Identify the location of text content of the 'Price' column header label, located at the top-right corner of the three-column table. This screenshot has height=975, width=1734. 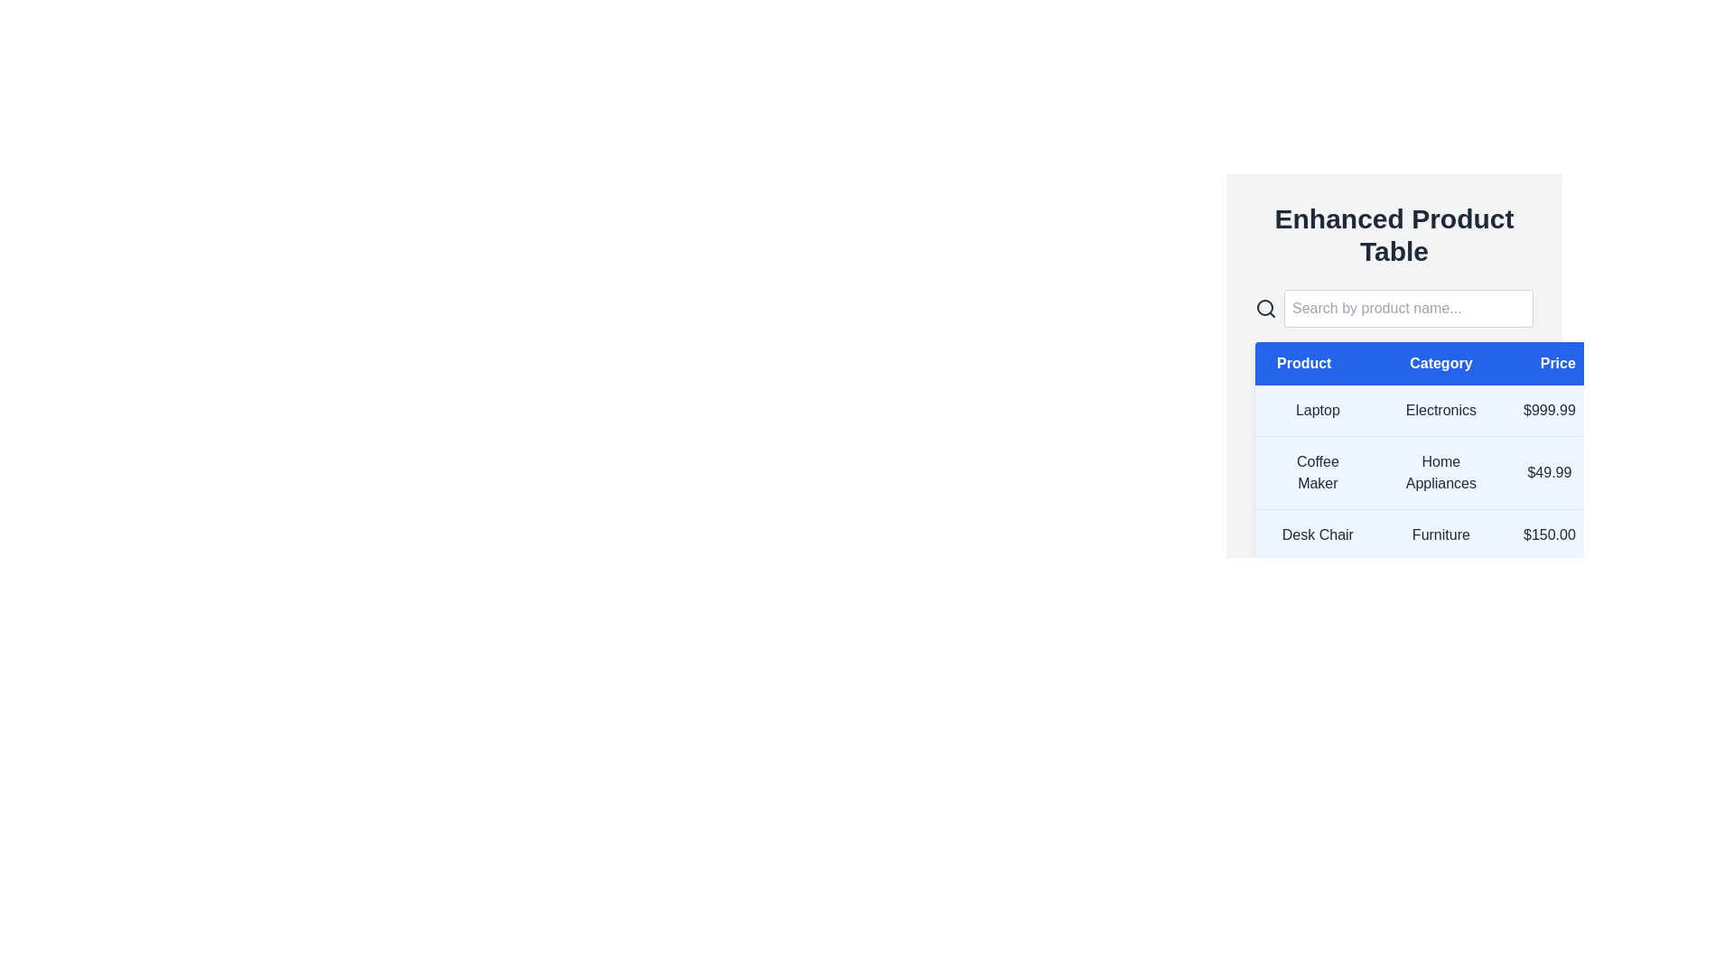
(1548, 363).